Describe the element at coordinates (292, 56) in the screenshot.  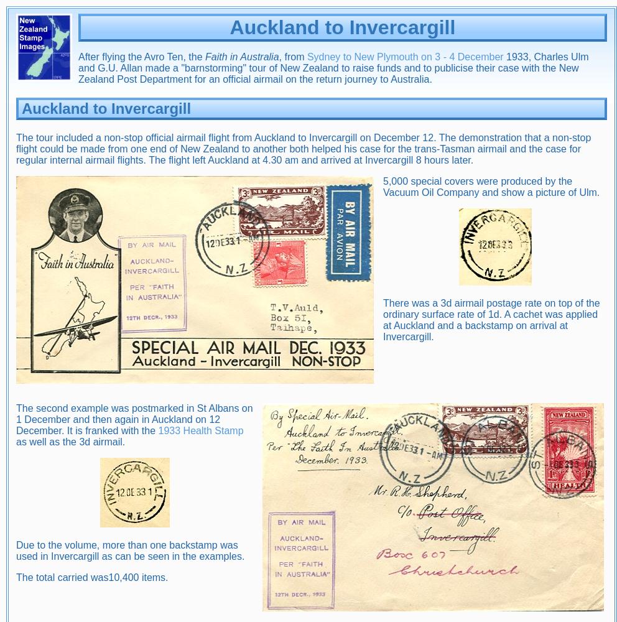
I see `',
from'` at that location.